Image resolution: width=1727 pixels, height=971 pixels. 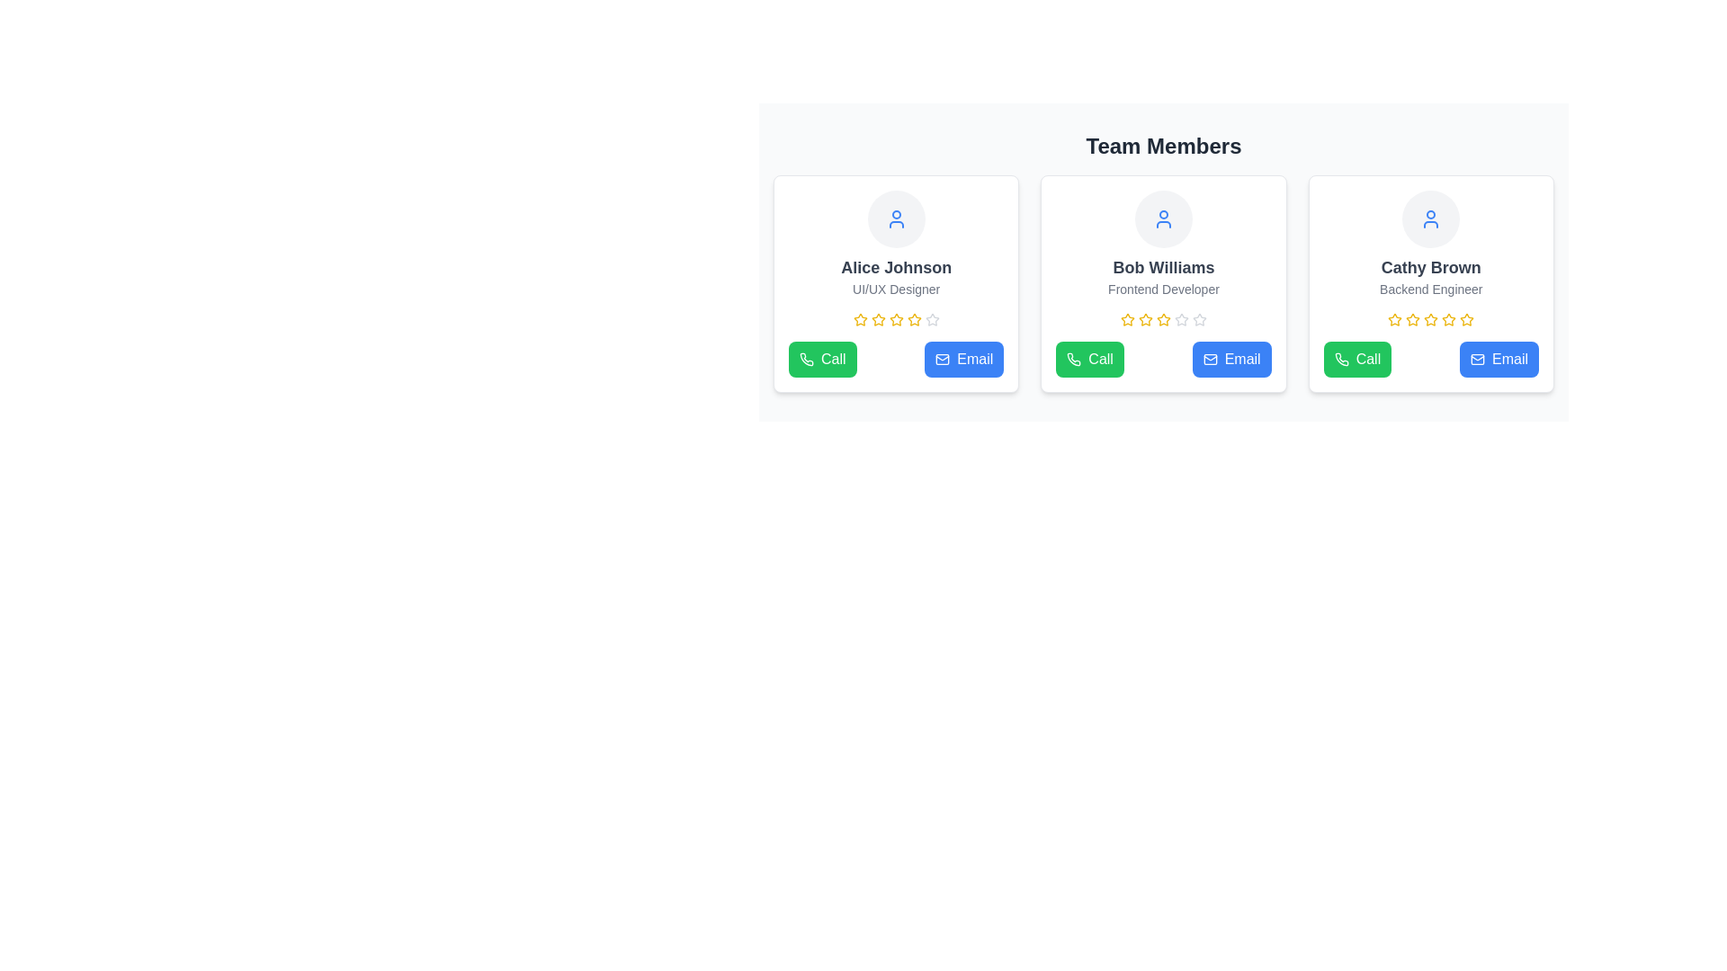 I want to click on the fourth star icon in the five-star rating system located beneath the 'Alice Johnson' profile card, so click(x=914, y=318).